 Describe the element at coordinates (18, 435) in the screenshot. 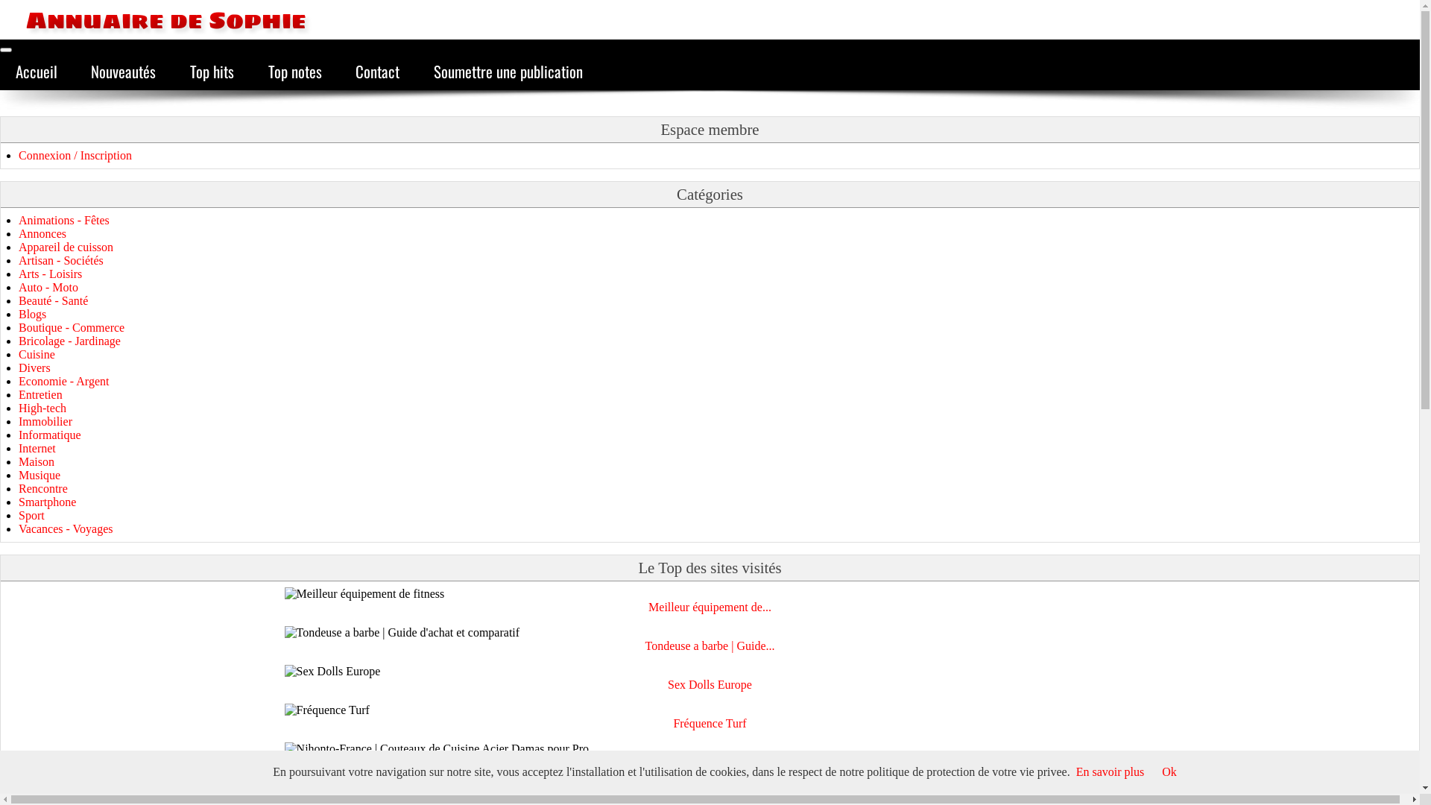

I see `'Informatique'` at that location.